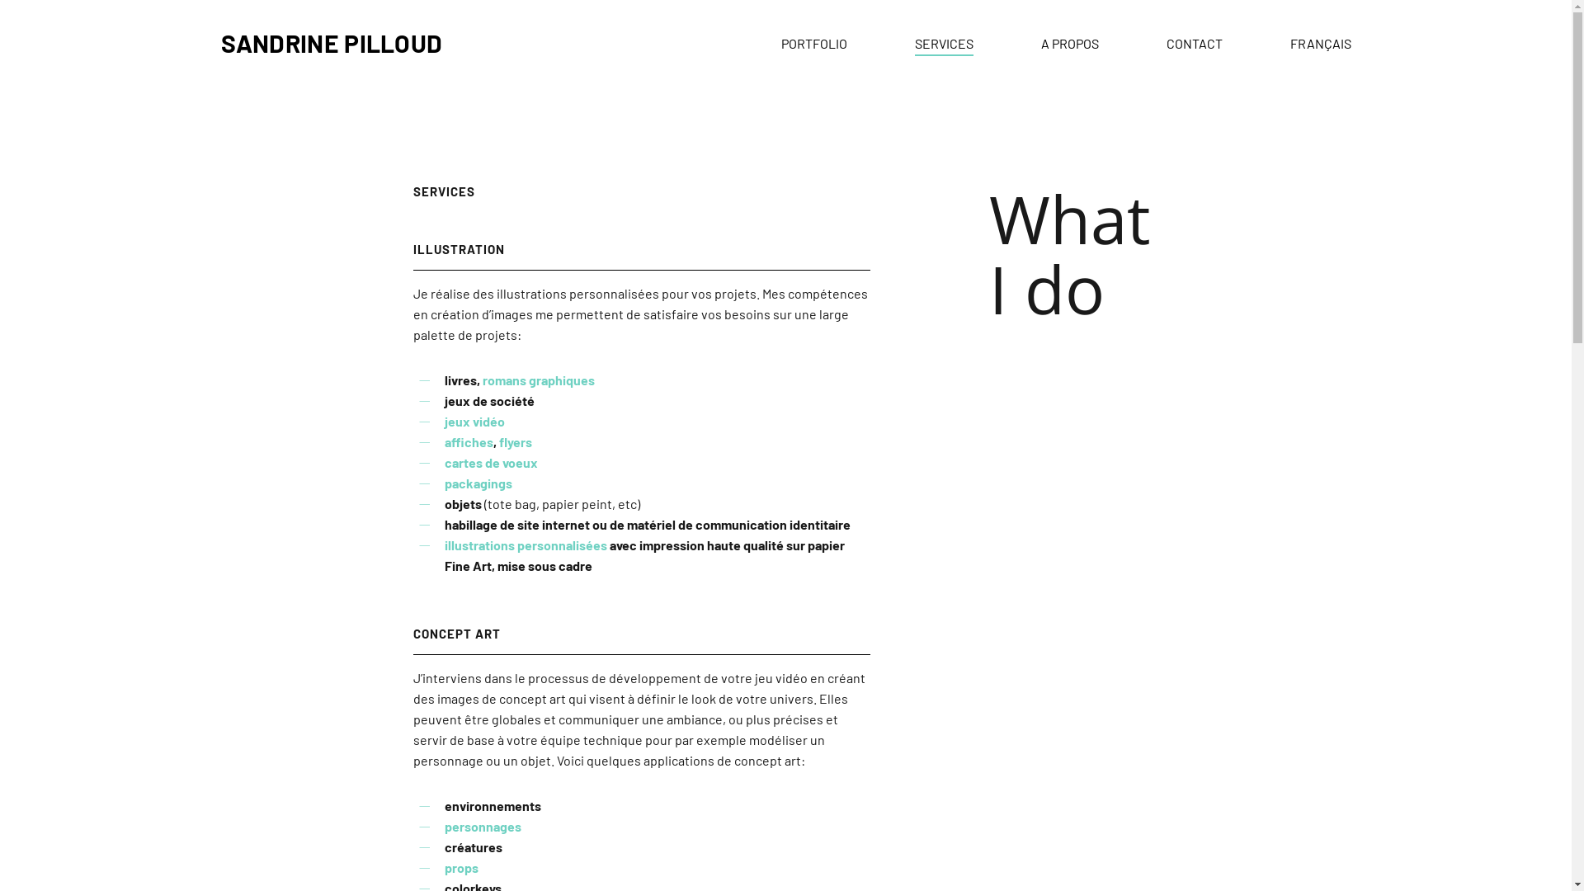 This screenshot has width=1584, height=891. I want to click on 'personnages', so click(482, 826).